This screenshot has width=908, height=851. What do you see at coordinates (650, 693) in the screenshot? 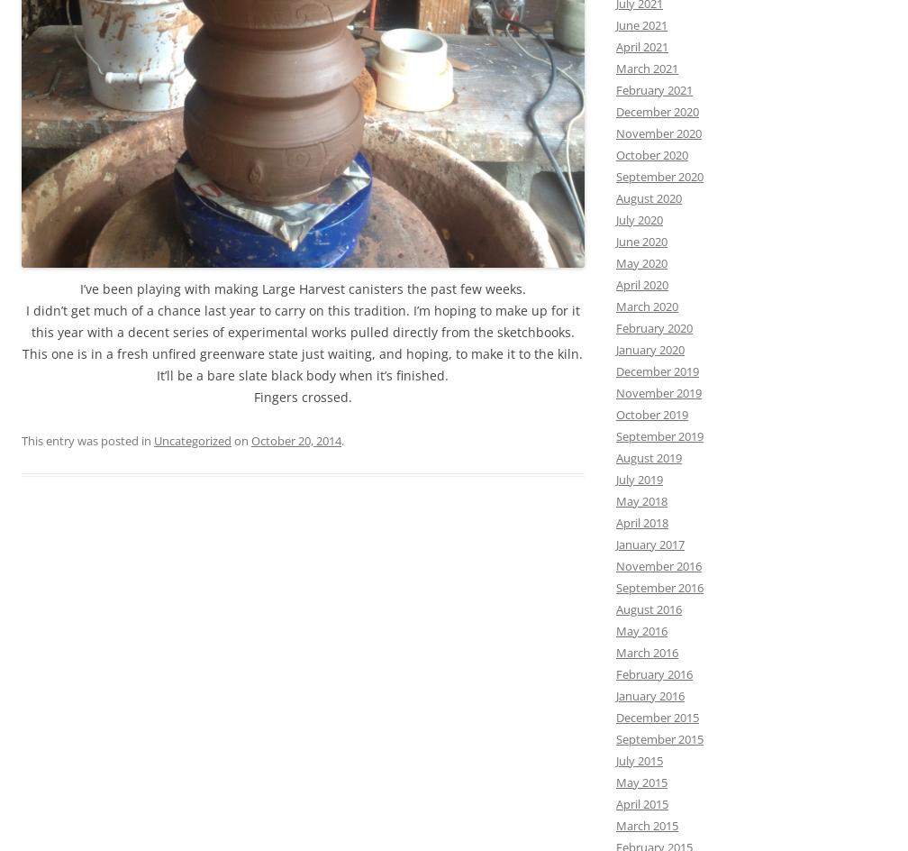
I see `'January 2016'` at bounding box center [650, 693].